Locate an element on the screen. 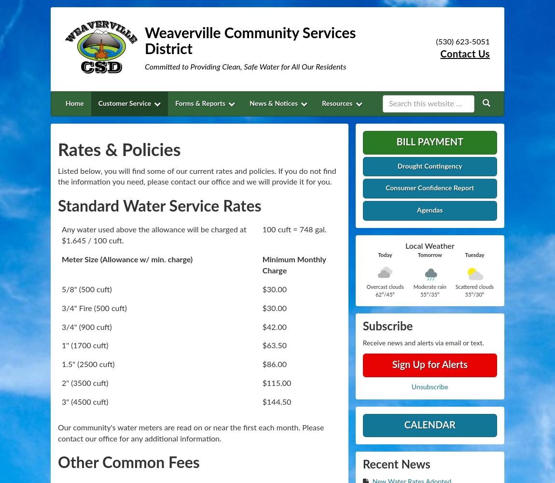 This screenshot has height=483, width=555. 'Weaverville Community Services District' is located at coordinates (250, 41).